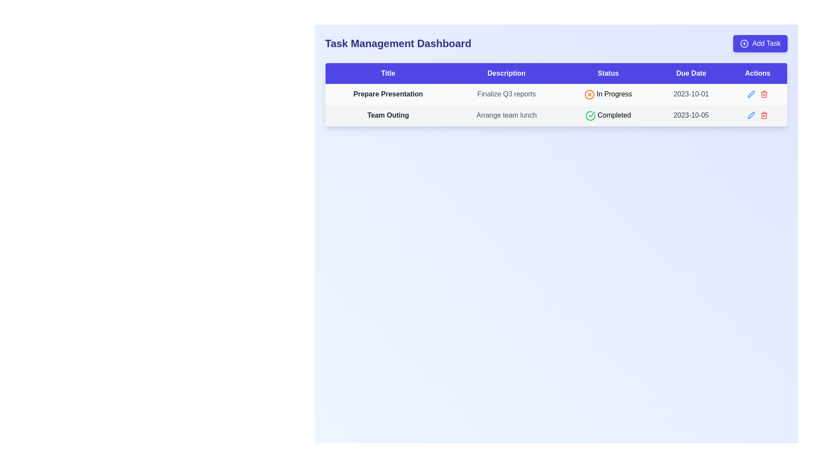  What do you see at coordinates (590, 115) in the screenshot?
I see `the status icon in the second row of the table that indicates the task is 'Completed.'` at bounding box center [590, 115].